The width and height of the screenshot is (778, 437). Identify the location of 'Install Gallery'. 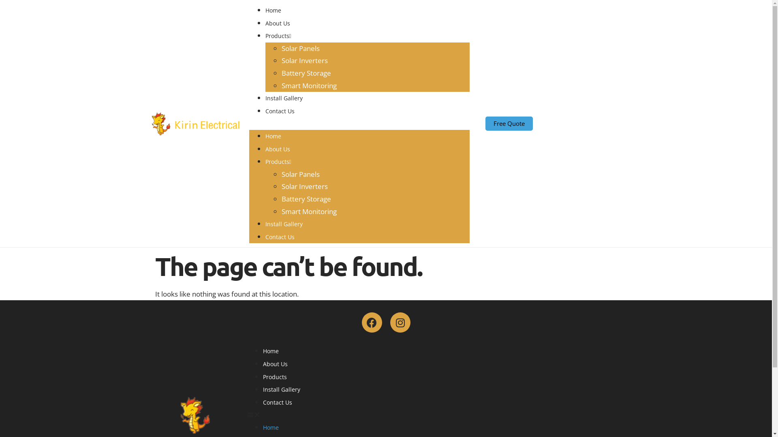
(284, 98).